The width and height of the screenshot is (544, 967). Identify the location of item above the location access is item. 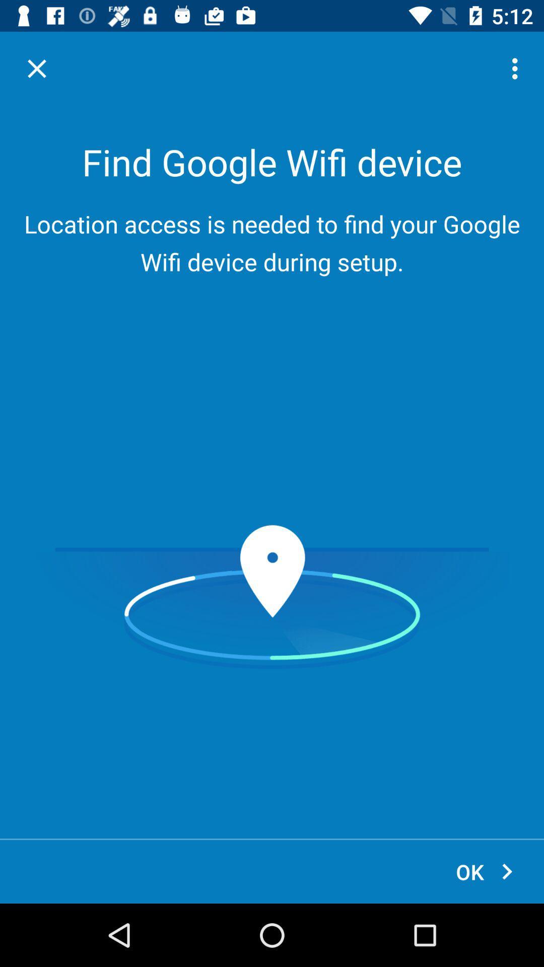
(36, 68).